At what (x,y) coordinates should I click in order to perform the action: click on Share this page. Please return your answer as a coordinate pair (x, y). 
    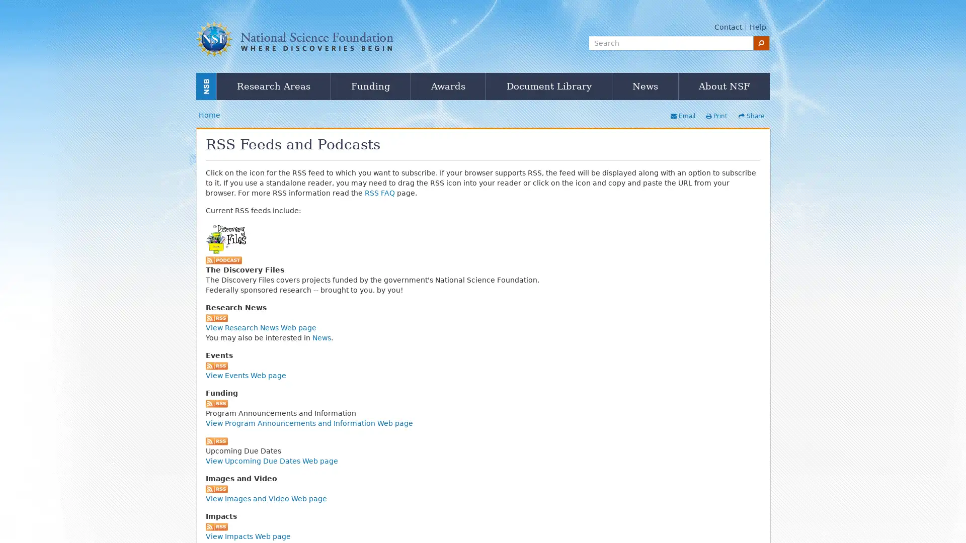
    Looking at the image, I should click on (751, 116).